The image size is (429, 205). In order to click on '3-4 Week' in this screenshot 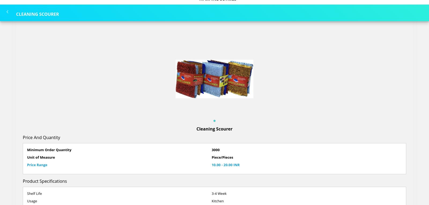, I will do `click(219, 193)`.